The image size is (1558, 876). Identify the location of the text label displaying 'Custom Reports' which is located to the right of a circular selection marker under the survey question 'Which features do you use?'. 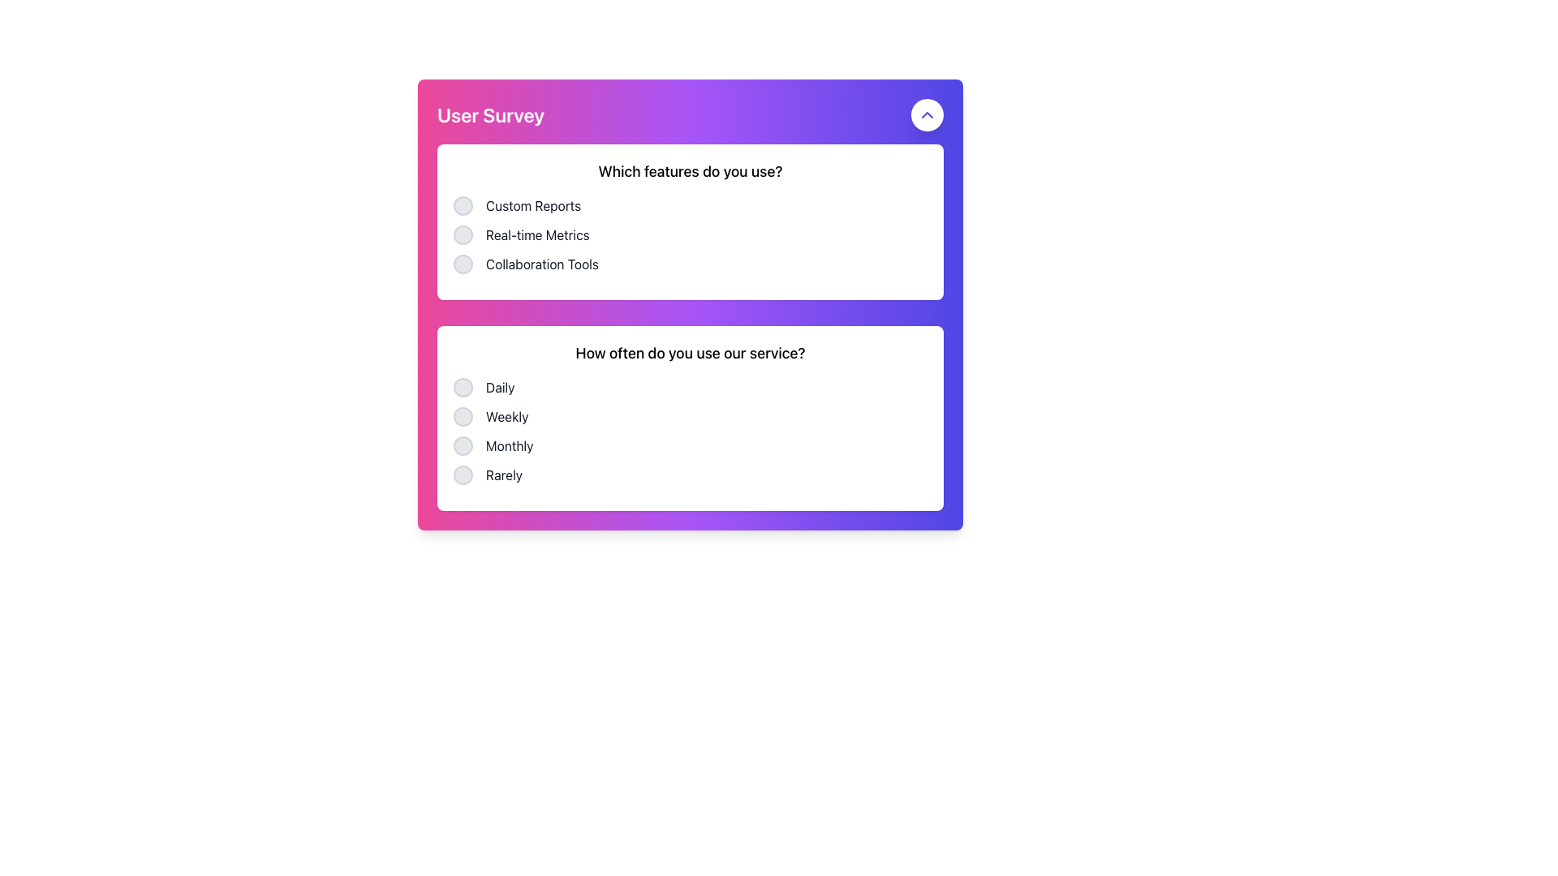
(533, 205).